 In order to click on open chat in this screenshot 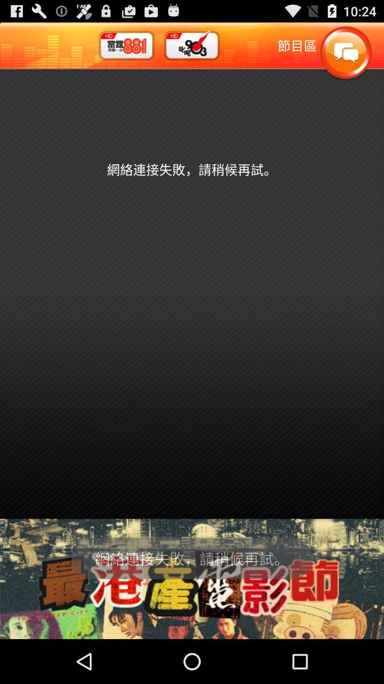, I will do `click(345, 53)`.